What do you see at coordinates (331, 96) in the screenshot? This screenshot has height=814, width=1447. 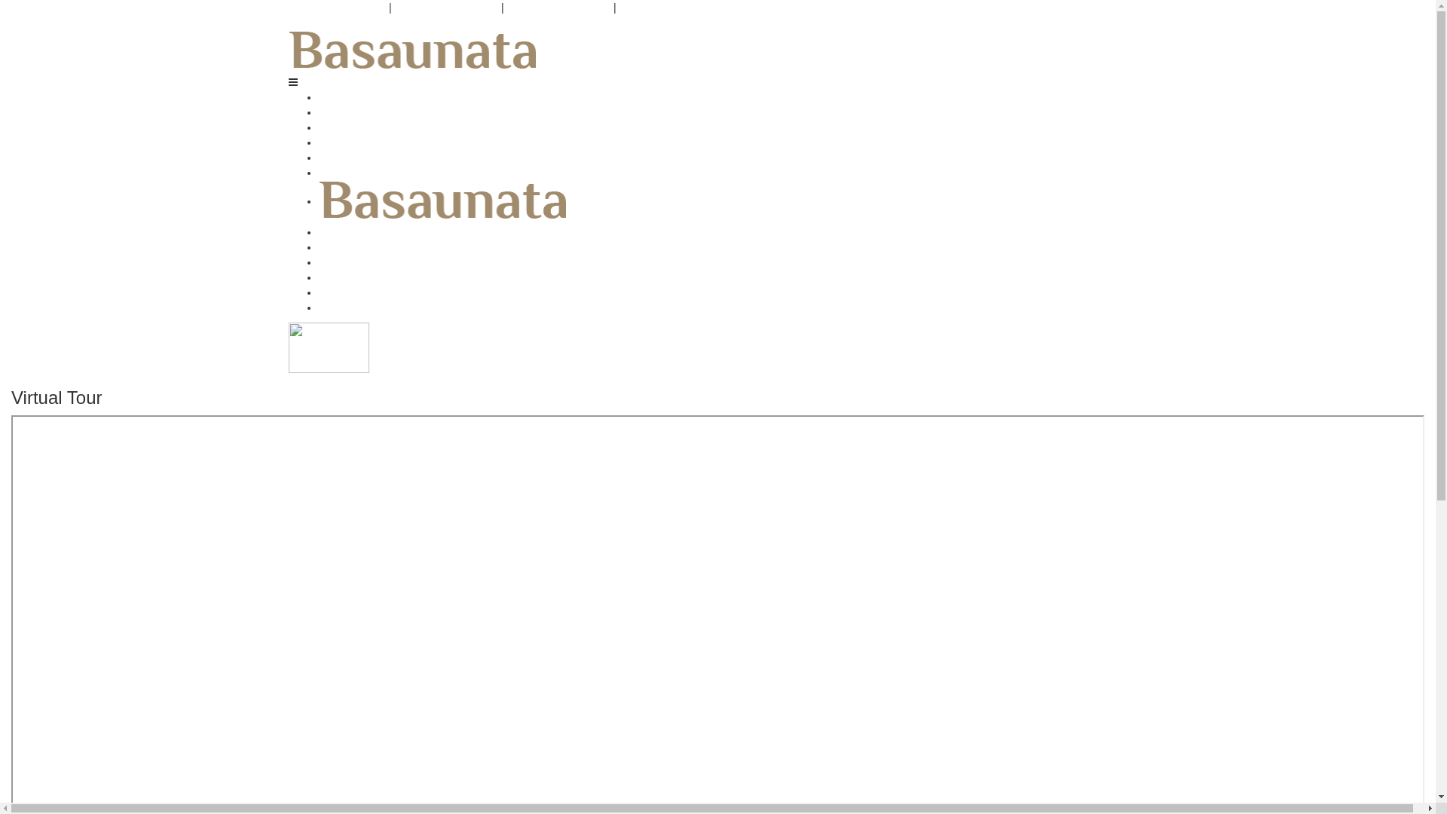 I see `'Home'` at bounding box center [331, 96].